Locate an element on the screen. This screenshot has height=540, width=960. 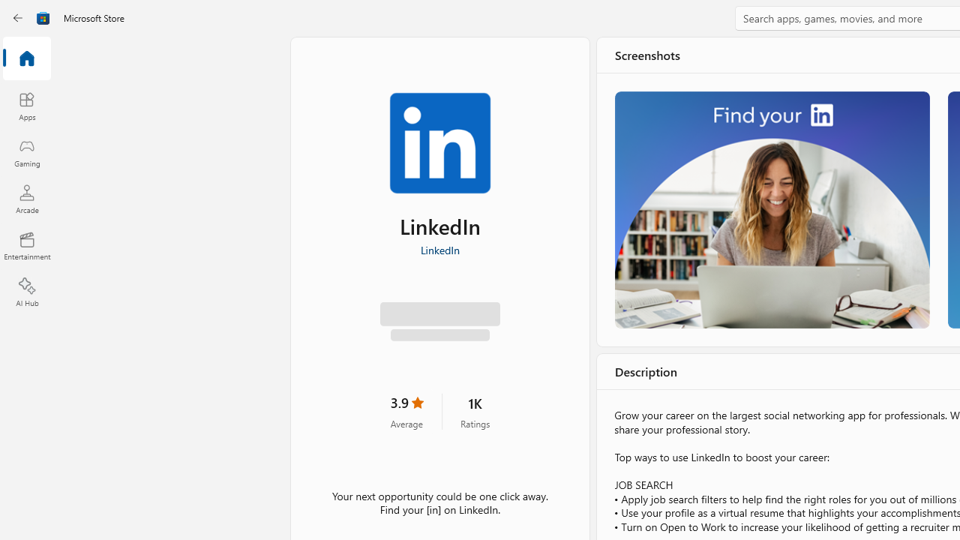
'Get' is located at coordinates (439, 318).